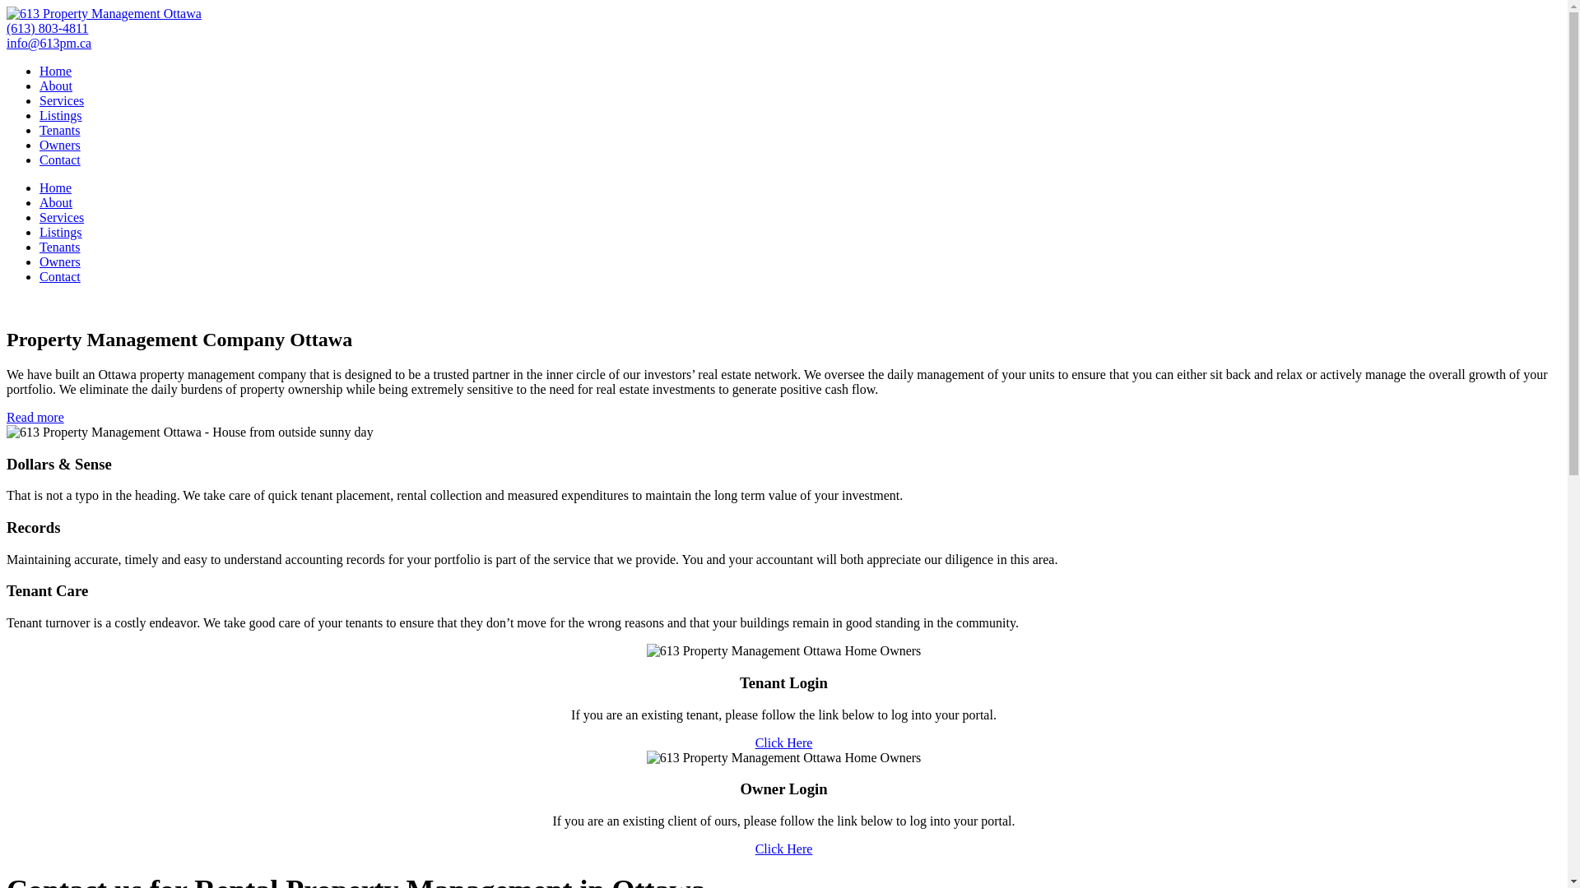 This screenshot has width=1580, height=888. What do you see at coordinates (60, 114) in the screenshot?
I see `'Listings'` at bounding box center [60, 114].